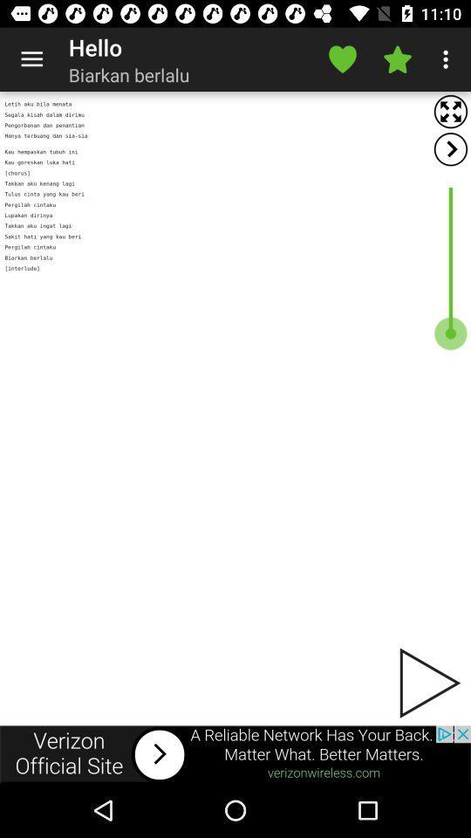 The width and height of the screenshot is (471, 838). What do you see at coordinates (450, 148) in the screenshot?
I see `go forward` at bounding box center [450, 148].